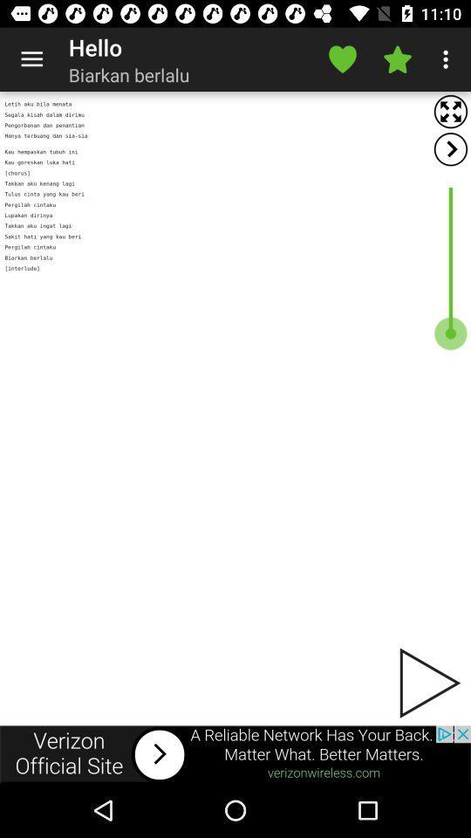 The width and height of the screenshot is (471, 838). What do you see at coordinates (450, 148) in the screenshot?
I see `go forward` at bounding box center [450, 148].